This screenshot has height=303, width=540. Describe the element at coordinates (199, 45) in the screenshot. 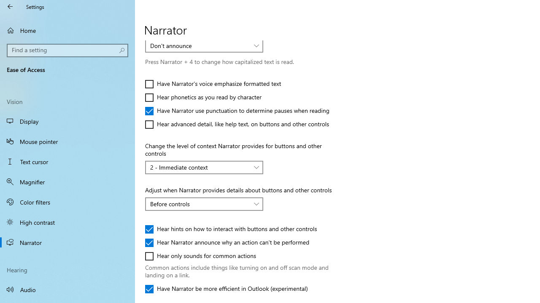

I see `'Don'` at that location.